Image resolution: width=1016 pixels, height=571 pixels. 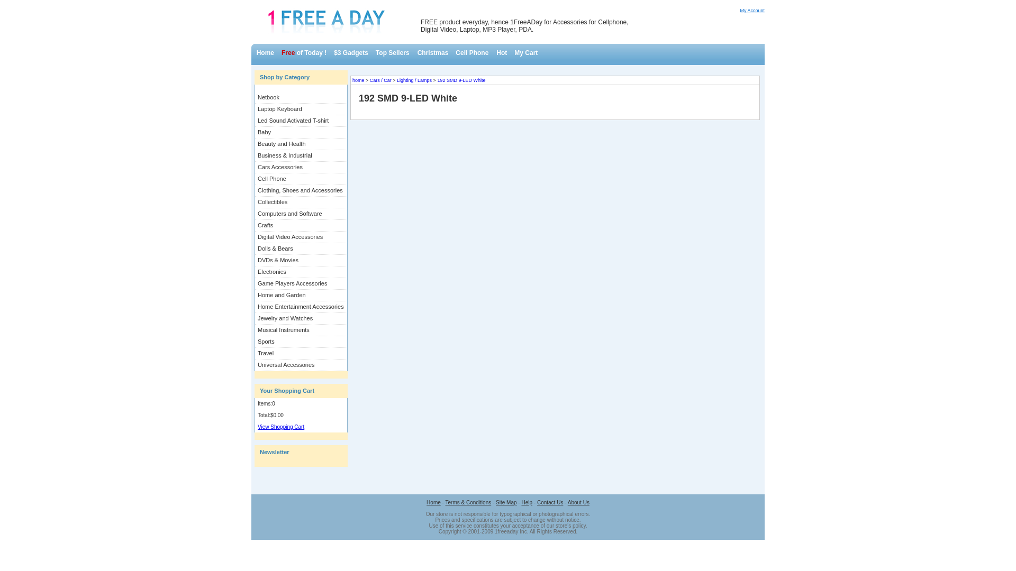 What do you see at coordinates (302, 155) in the screenshot?
I see `'Business & Industrial'` at bounding box center [302, 155].